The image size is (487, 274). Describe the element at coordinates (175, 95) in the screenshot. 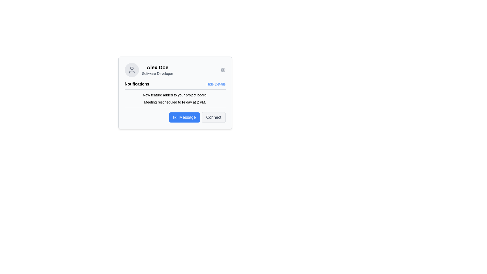

I see `the static text element displaying the message 'New feature added to your project board.' which is located at the top of the notification section` at that location.